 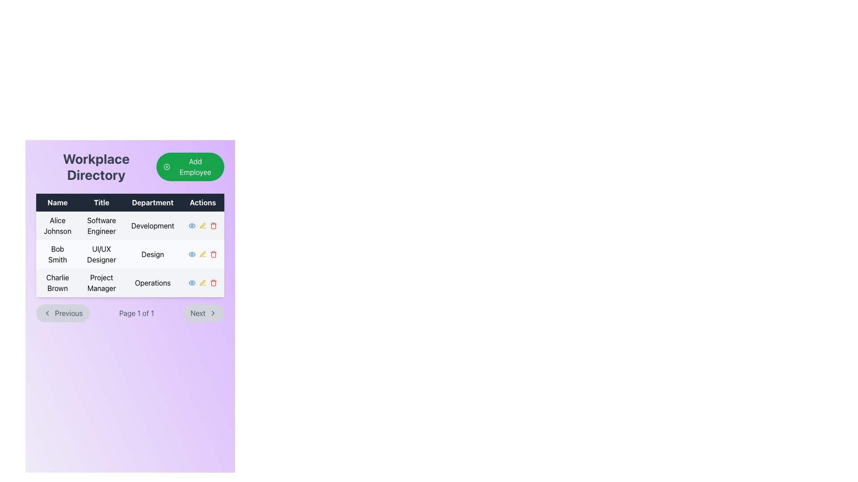 What do you see at coordinates (136, 313) in the screenshot?
I see `the text label displaying 'Page 1 of 1' in gray color, which is centered in the pagination bar at the bottom of the interface` at bounding box center [136, 313].